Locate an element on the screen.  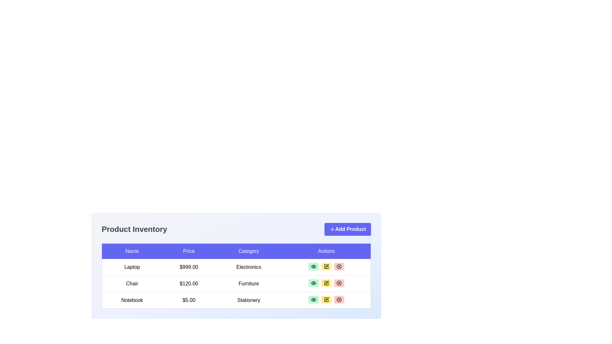
the 'Add Product' button, which is an indigo rectangular button with white text and a plus icon, positioned to the right of the 'Product Inventory' label is located at coordinates (347, 229).